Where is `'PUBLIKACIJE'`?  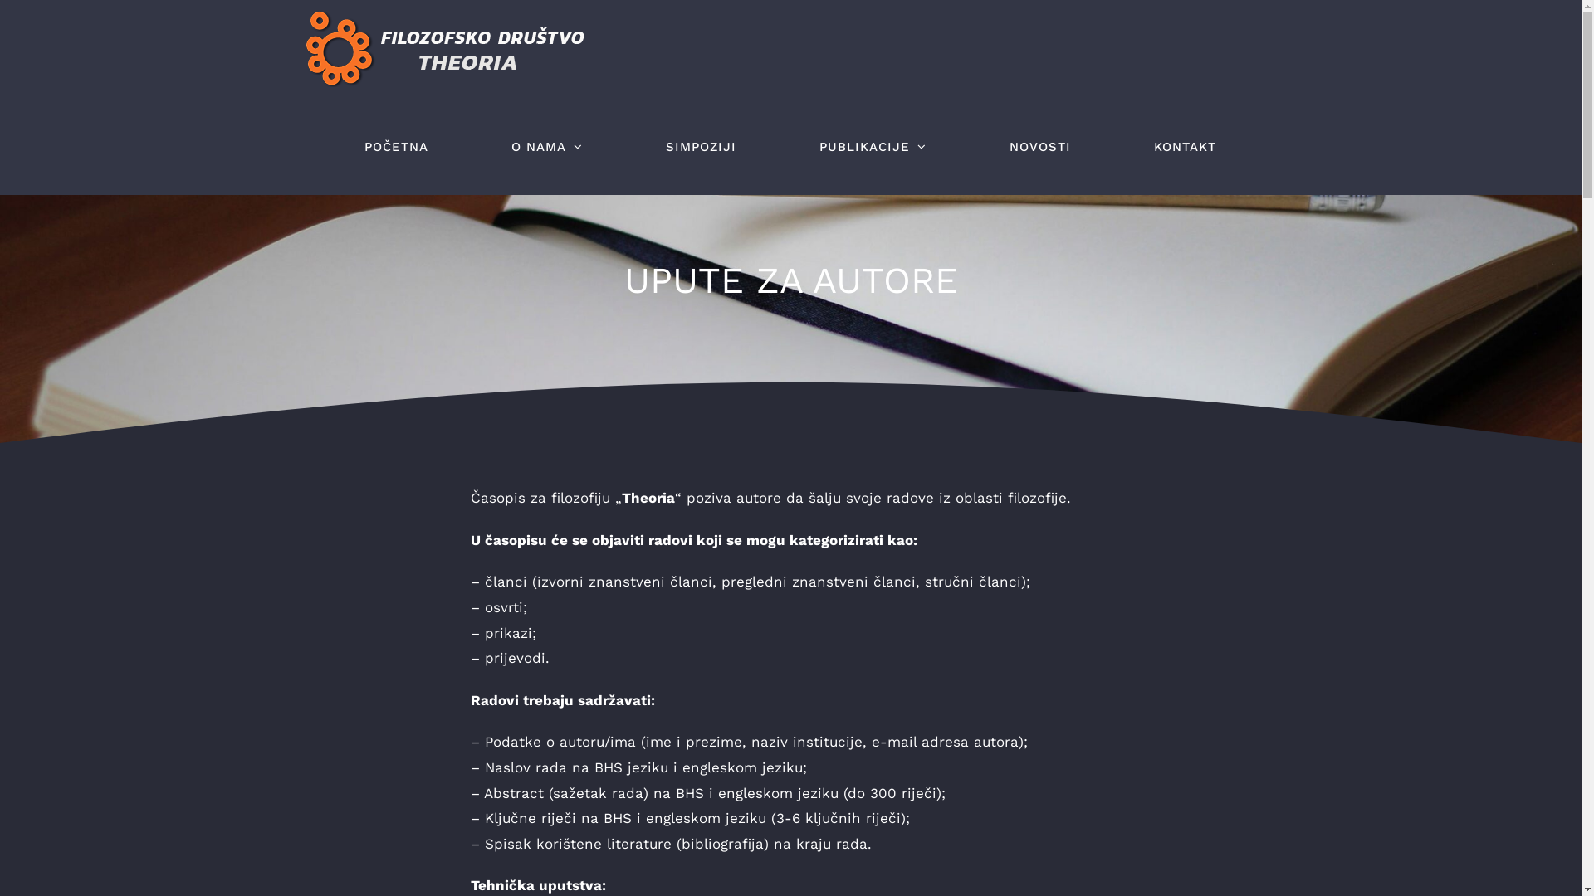
'PUBLIKACIJE' is located at coordinates (800, 146).